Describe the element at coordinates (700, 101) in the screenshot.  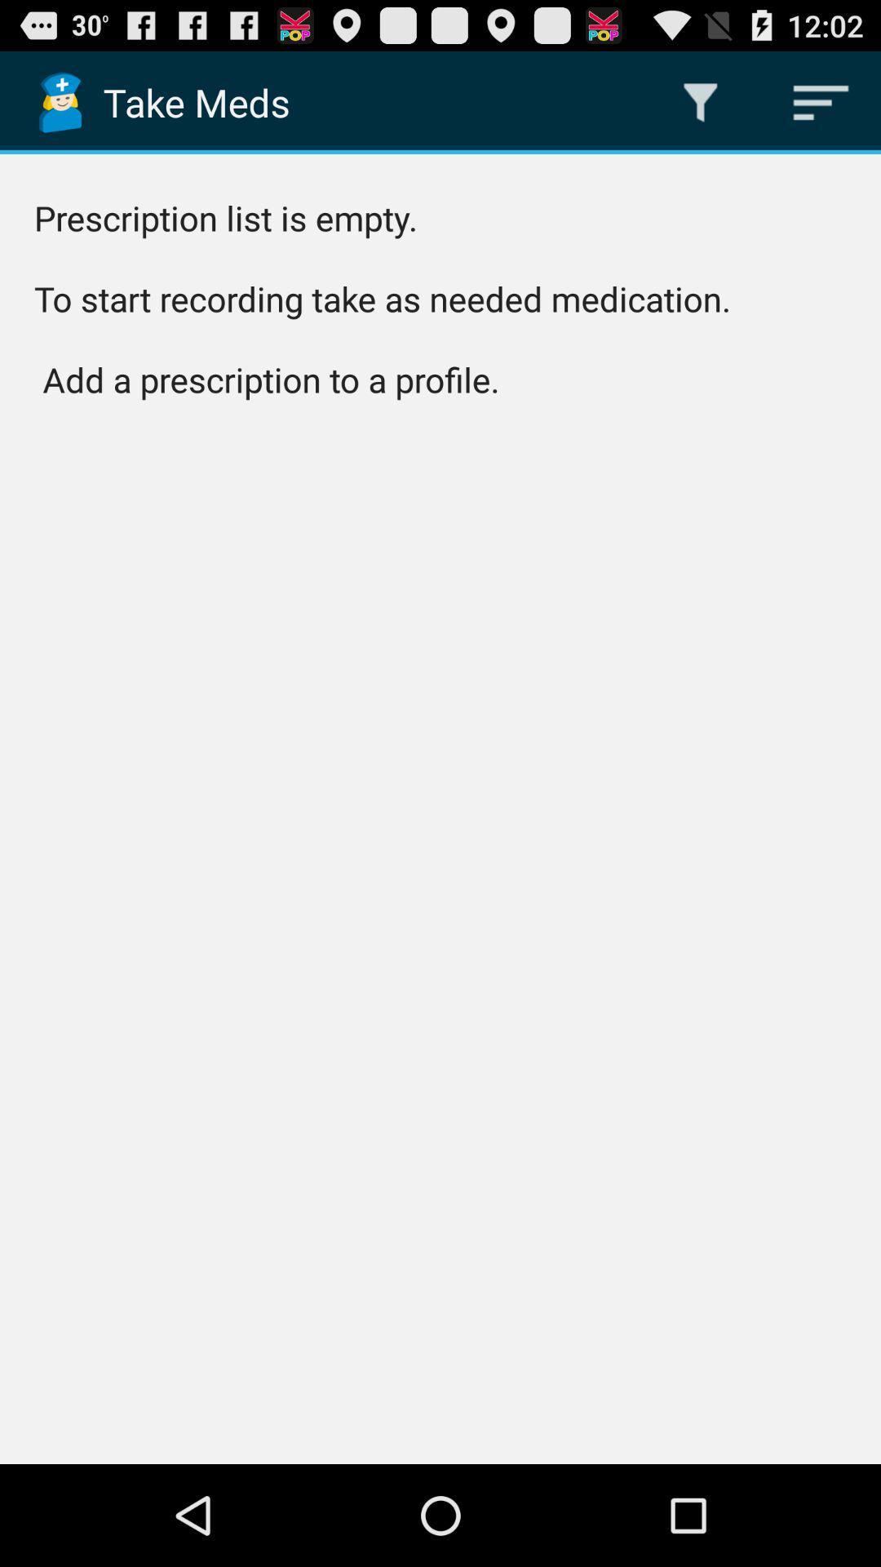
I see `app next to the take meds` at that location.